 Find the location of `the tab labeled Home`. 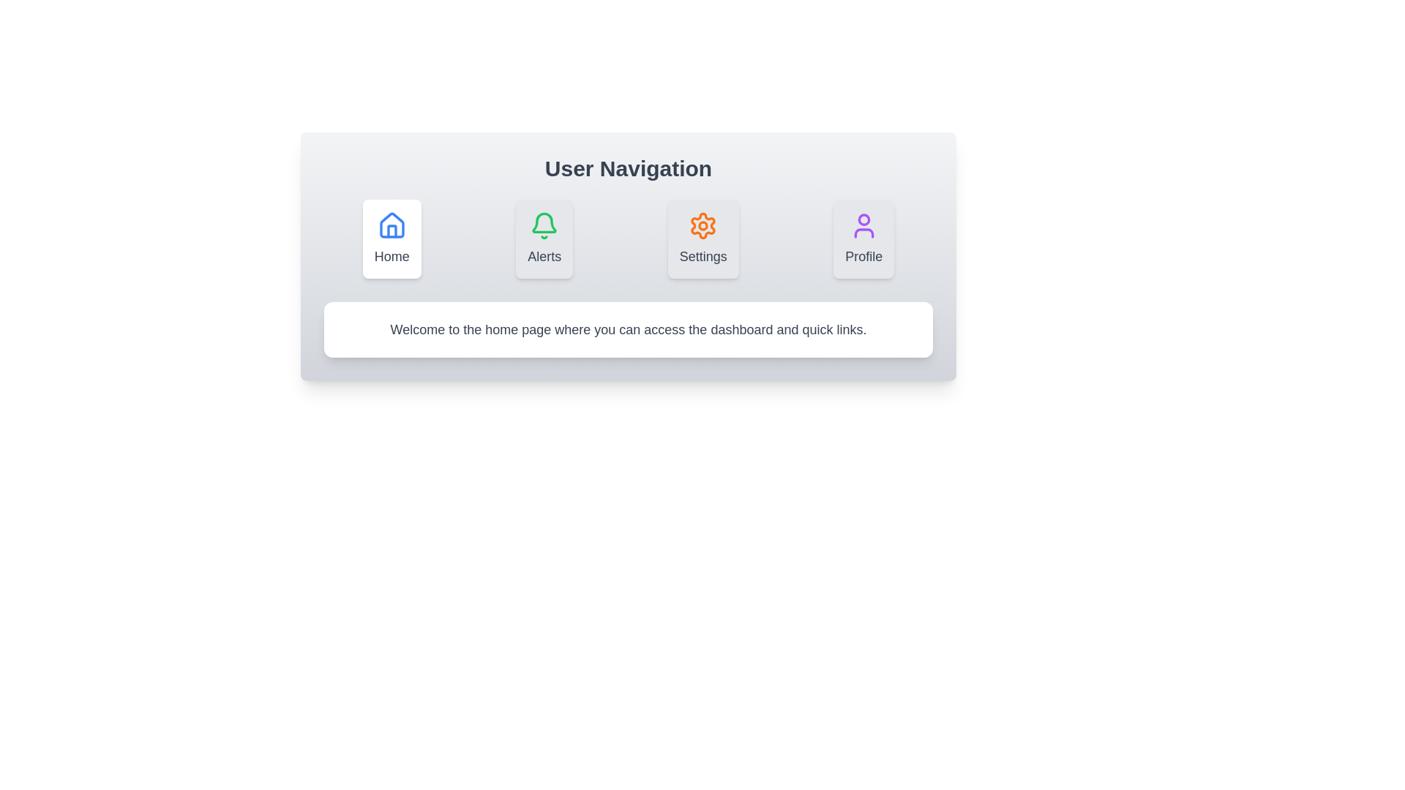

the tab labeled Home is located at coordinates (391, 238).